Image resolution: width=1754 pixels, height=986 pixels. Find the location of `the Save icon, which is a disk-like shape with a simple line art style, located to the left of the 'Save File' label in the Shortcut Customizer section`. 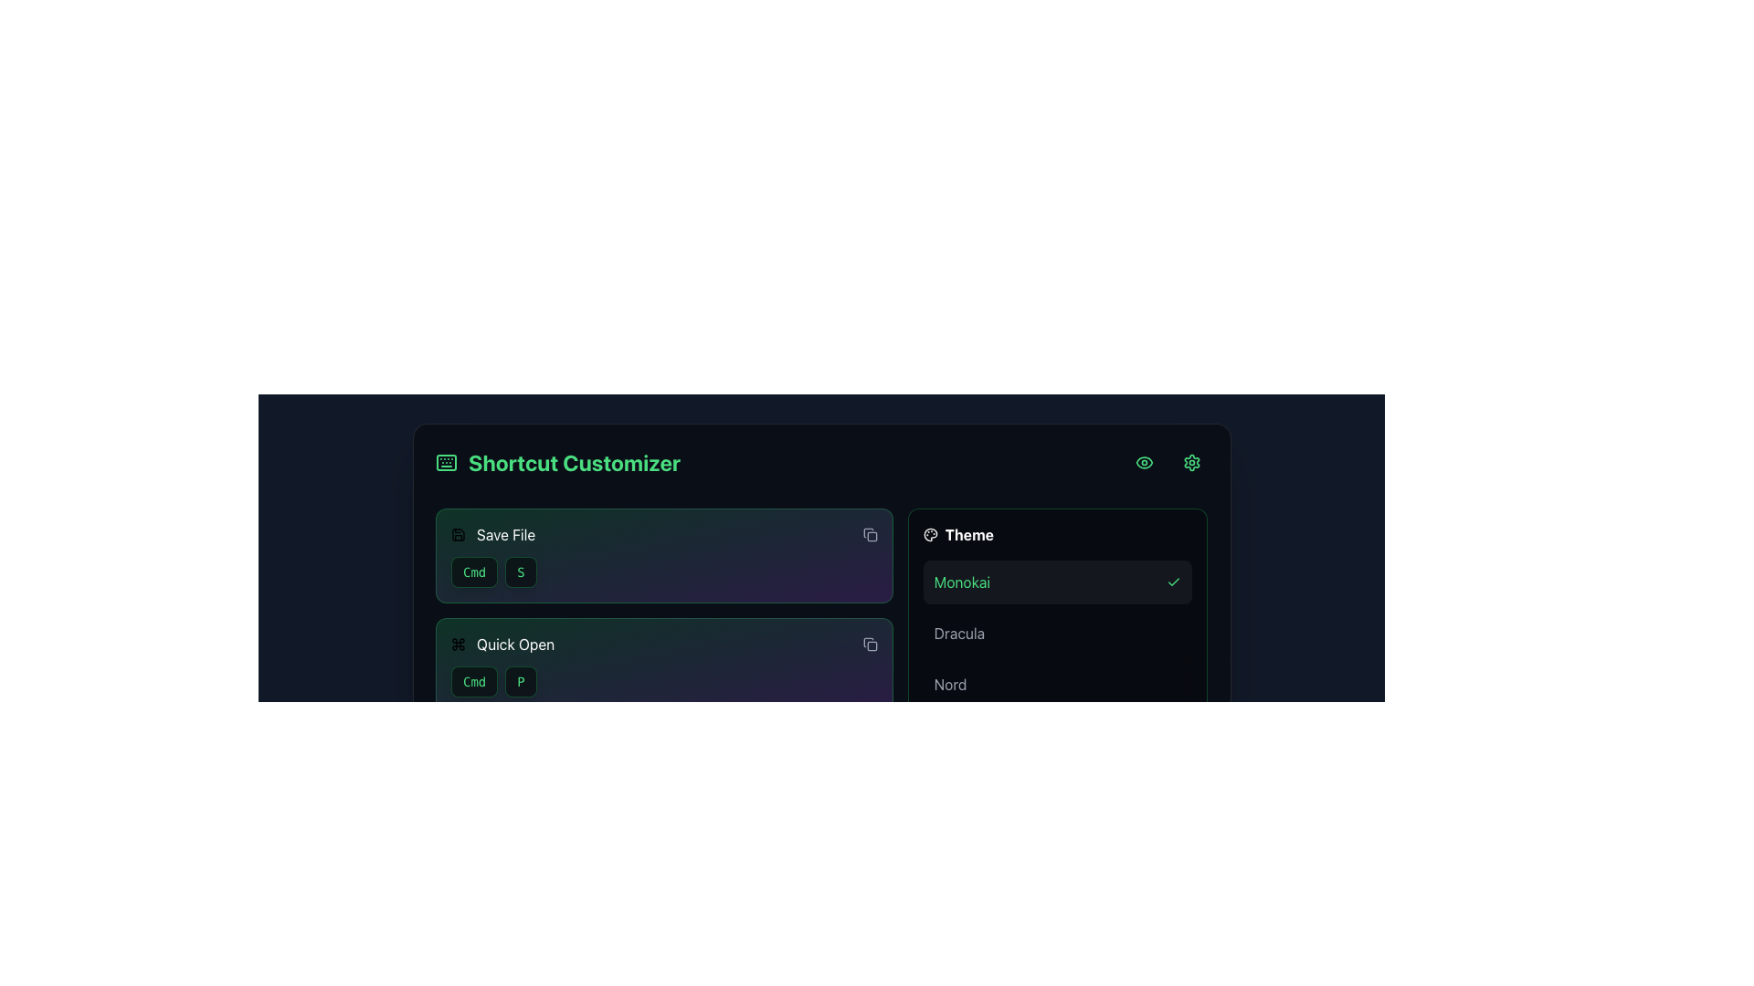

the Save icon, which is a disk-like shape with a simple line art style, located to the left of the 'Save File' label in the Shortcut Customizer section is located at coordinates (458, 534).